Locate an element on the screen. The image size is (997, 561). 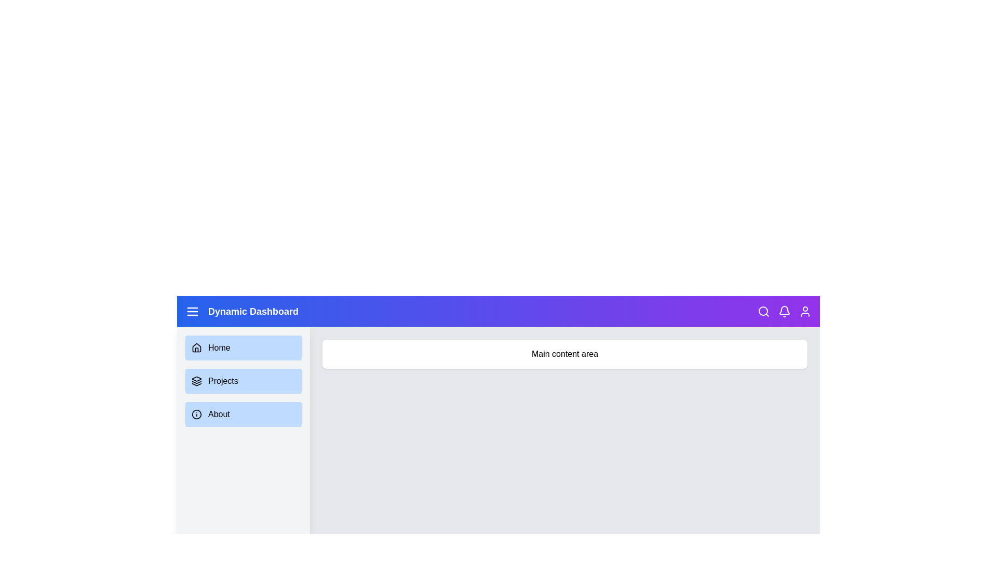
the navigation item Projects to navigate to the respective section is located at coordinates (243, 381).